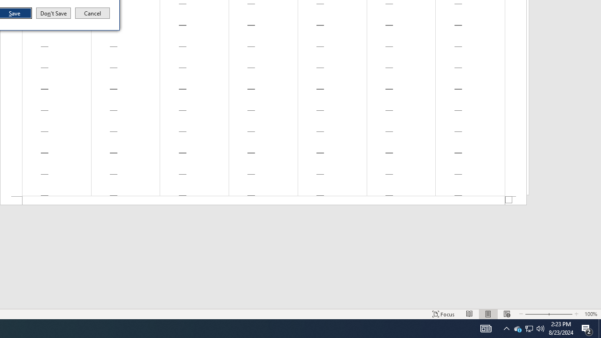 This screenshot has width=601, height=338. I want to click on 'User Promoted Notification Area', so click(529, 328).